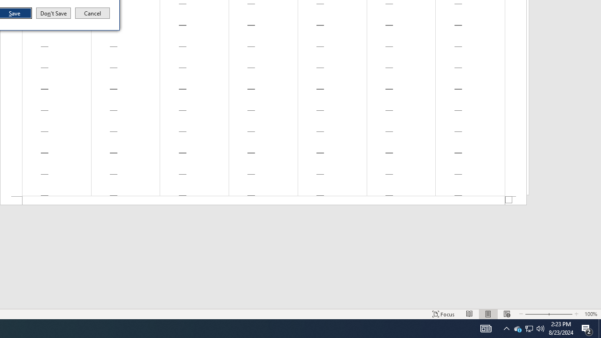 This screenshot has width=601, height=338. I want to click on 'User Promoted Notification Area', so click(529, 328).